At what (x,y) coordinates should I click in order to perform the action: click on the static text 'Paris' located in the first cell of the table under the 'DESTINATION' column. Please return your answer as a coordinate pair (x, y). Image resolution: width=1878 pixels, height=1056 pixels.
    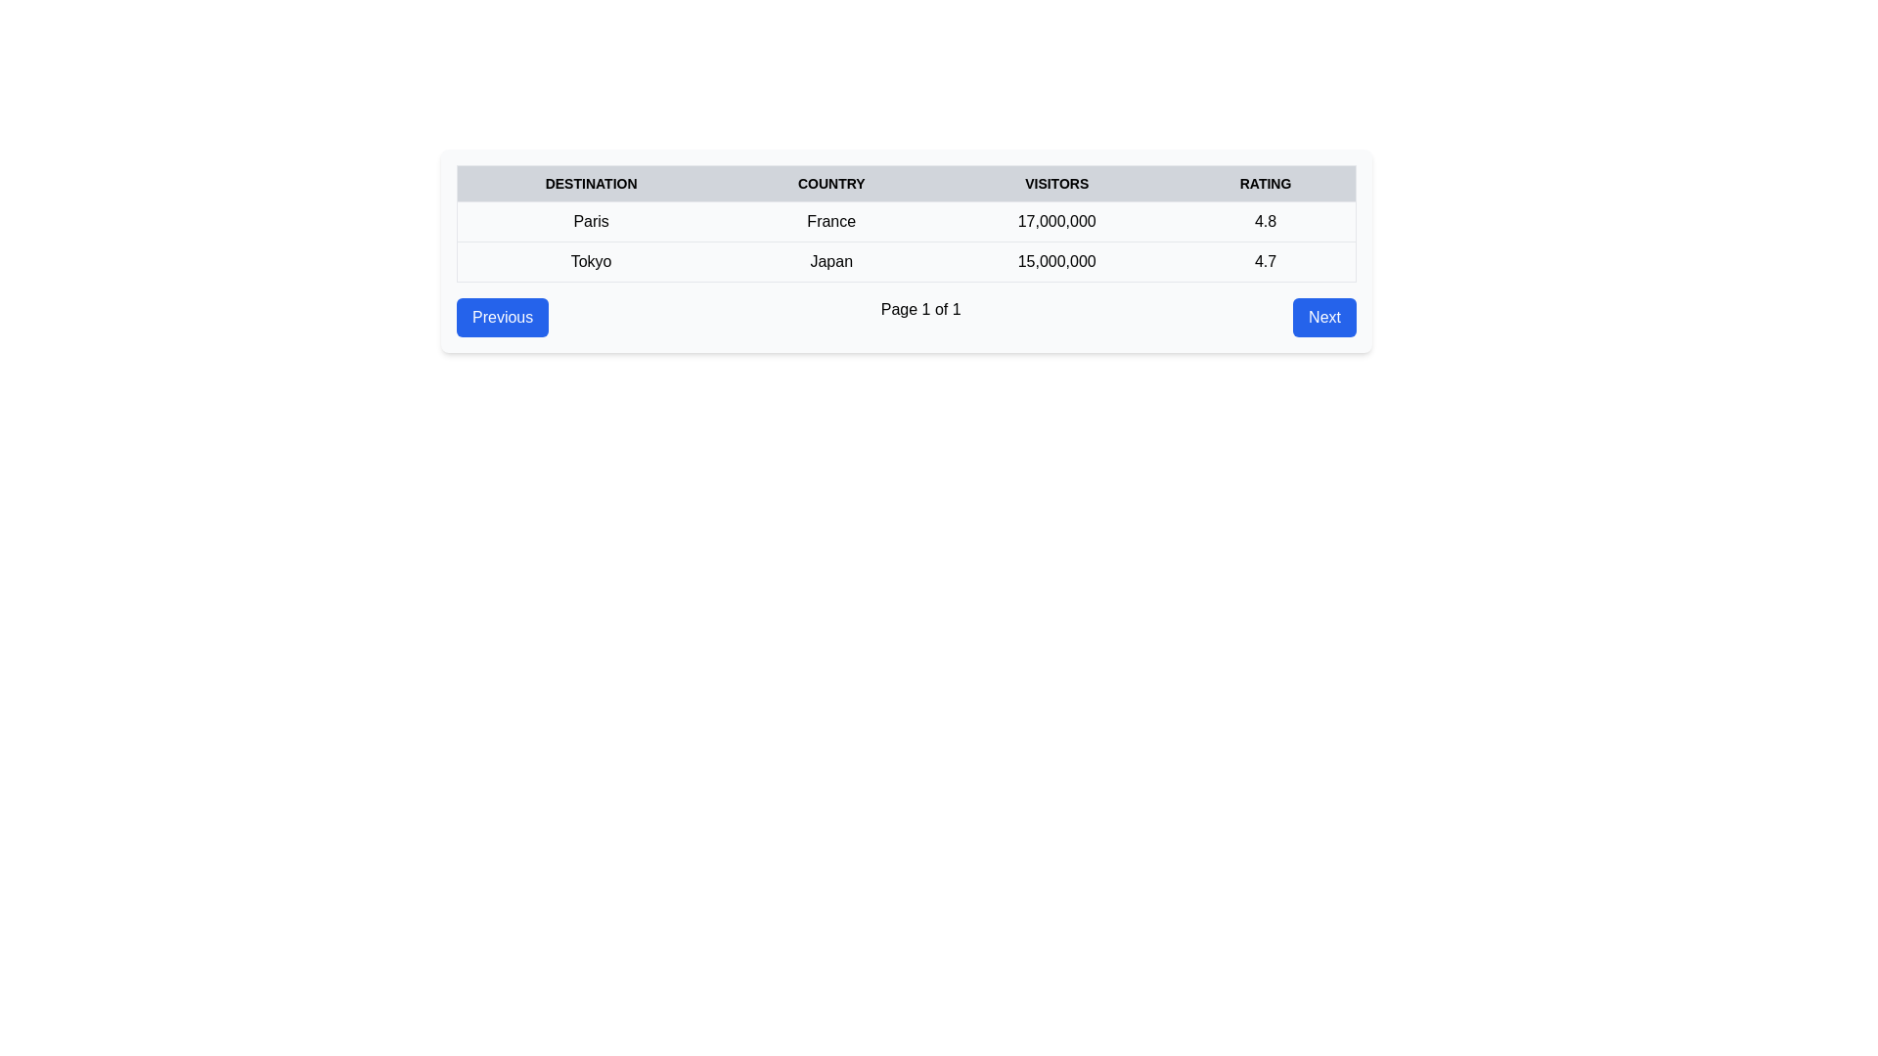
    Looking at the image, I should click on (590, 221).